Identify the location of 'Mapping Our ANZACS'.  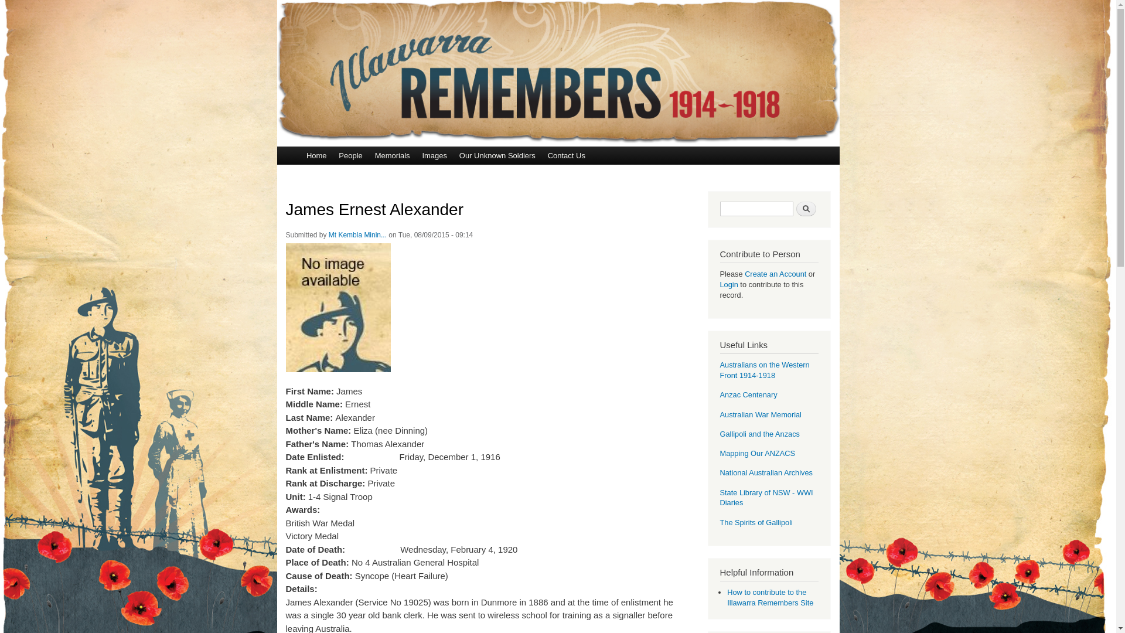
(757, 452).